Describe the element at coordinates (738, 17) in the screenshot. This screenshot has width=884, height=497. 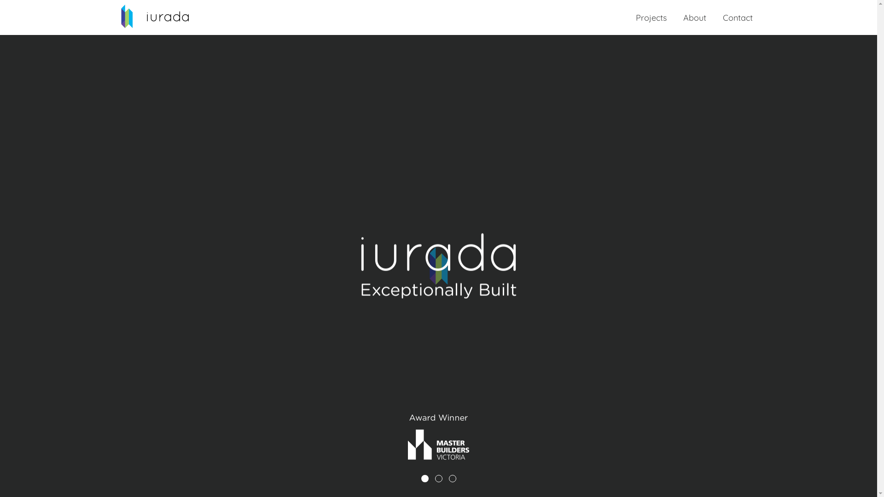
I see `'Contact'` at that location.